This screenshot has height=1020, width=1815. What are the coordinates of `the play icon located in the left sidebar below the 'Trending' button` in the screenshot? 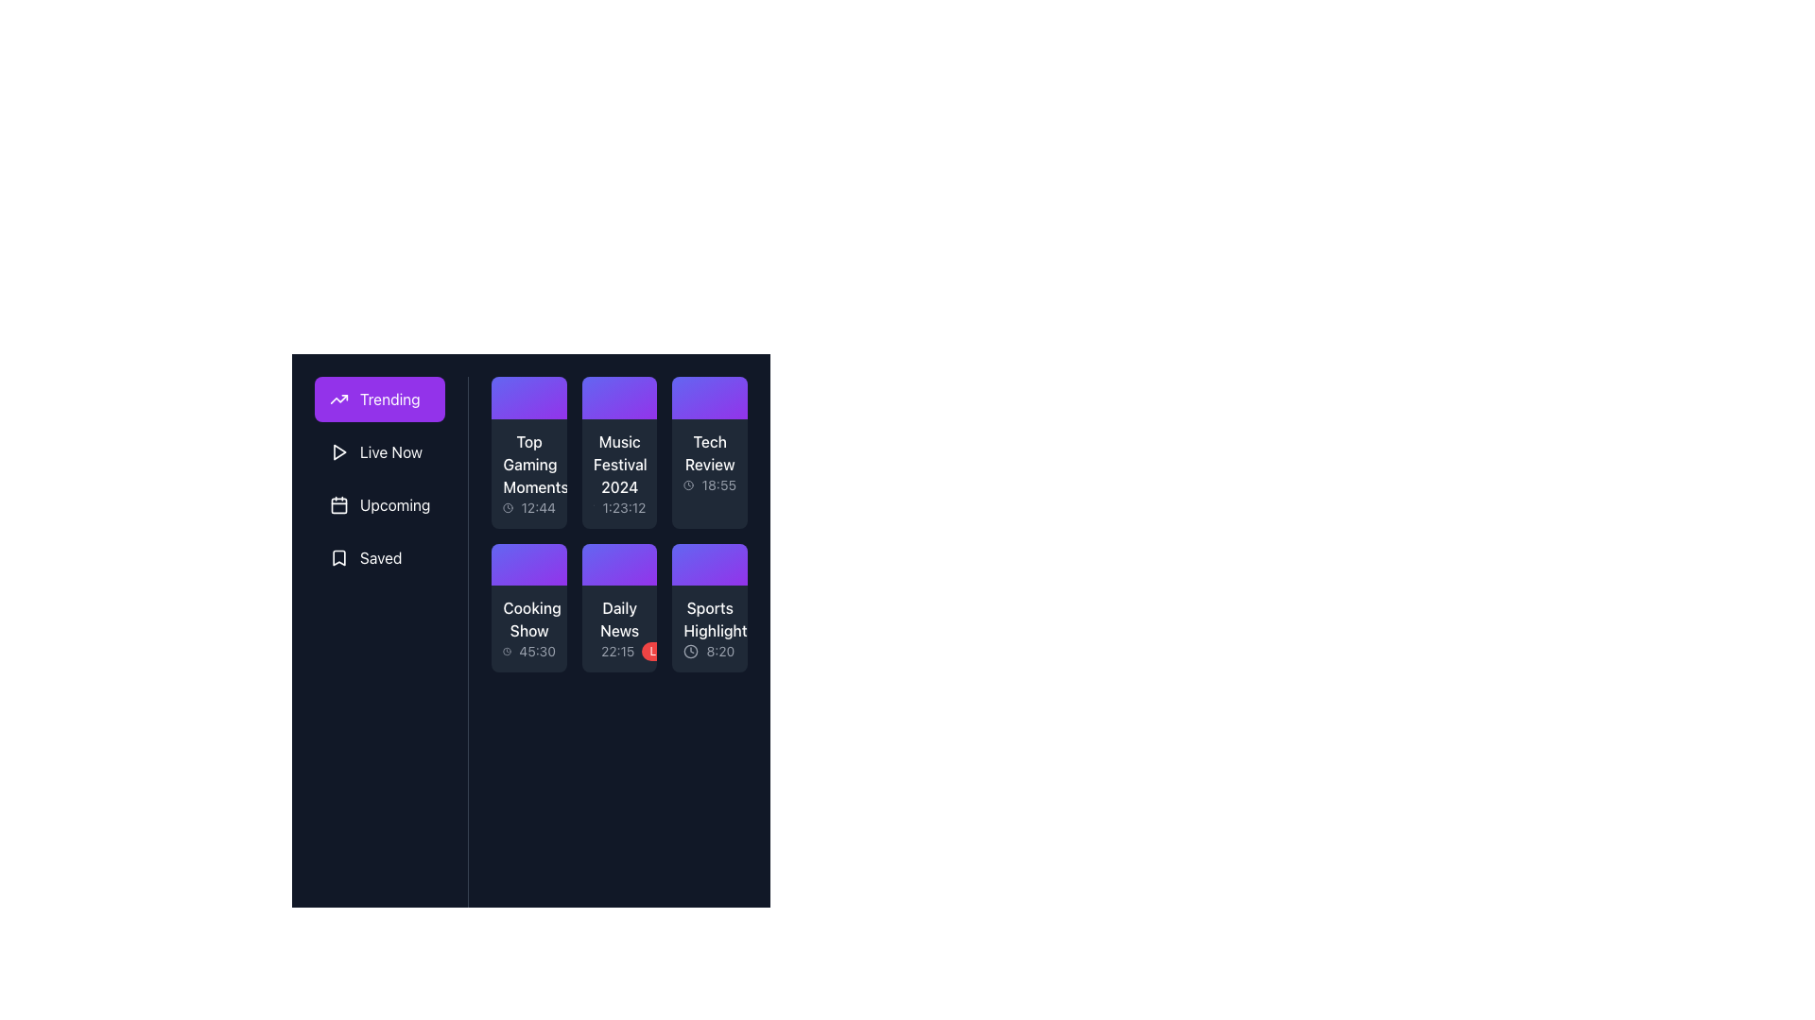 It's located at (339, 451).